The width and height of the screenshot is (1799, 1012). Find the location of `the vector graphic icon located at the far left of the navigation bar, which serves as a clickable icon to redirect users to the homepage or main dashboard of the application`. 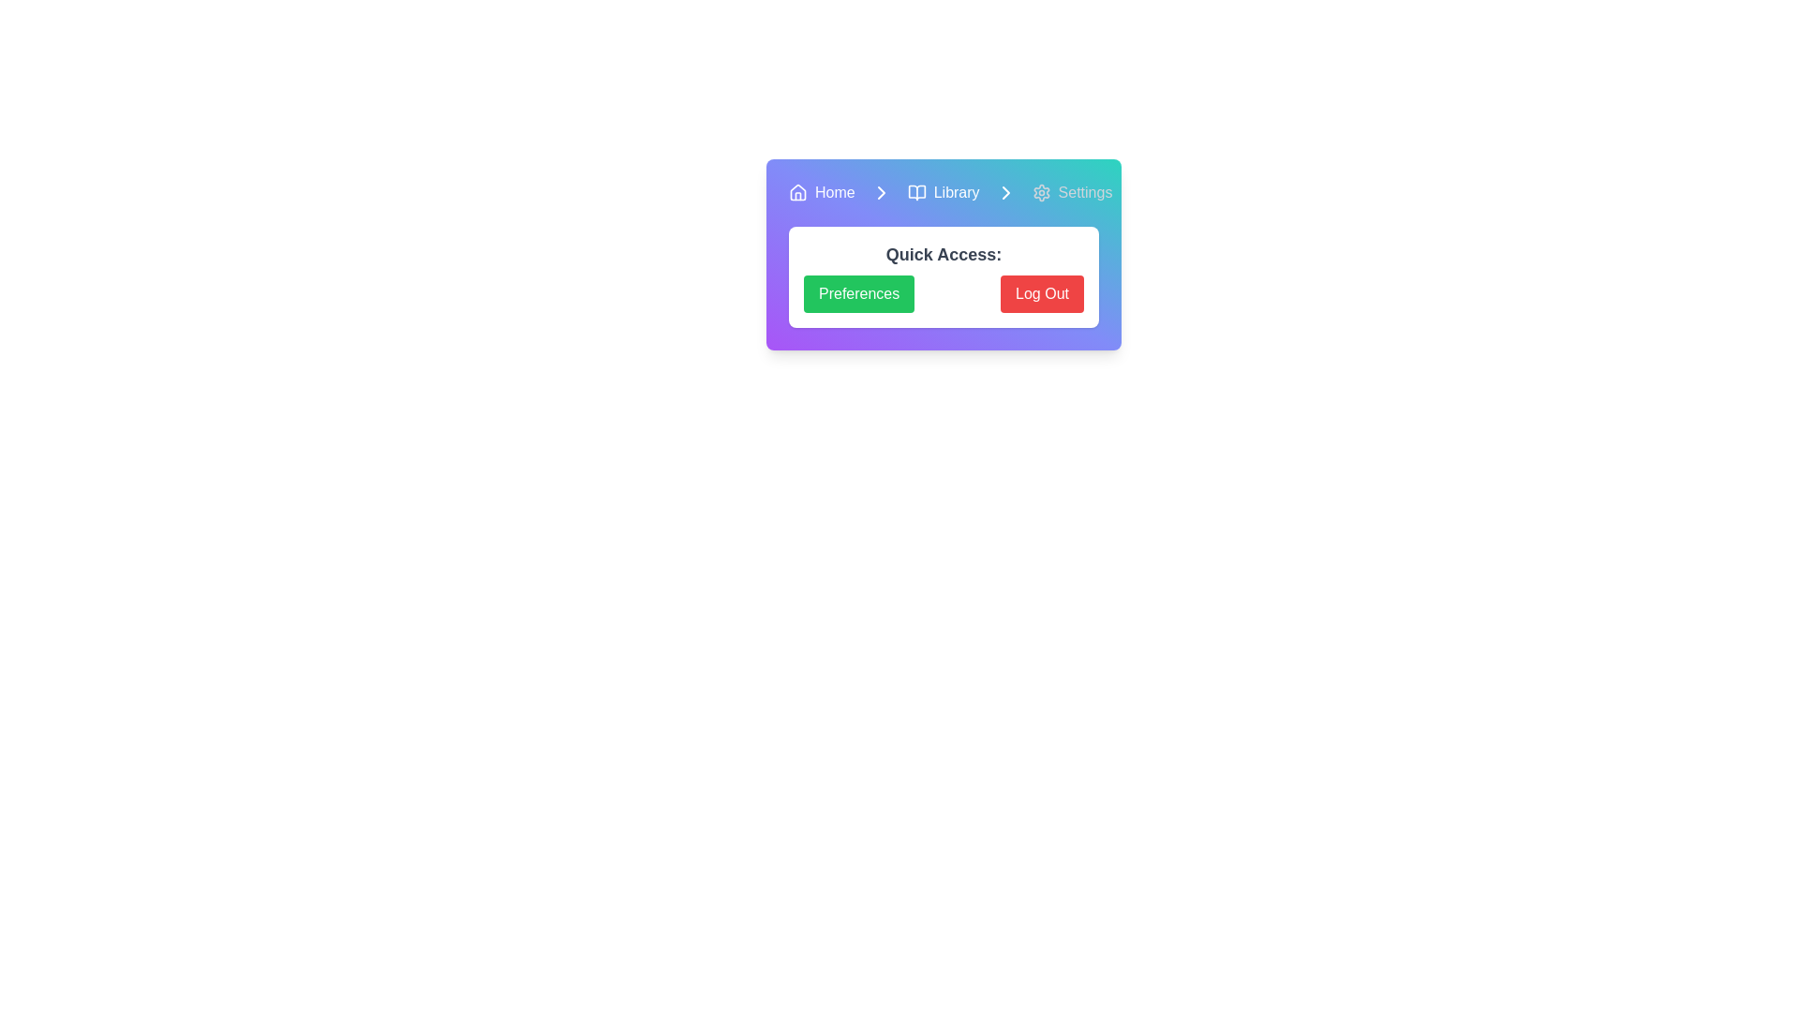

the vector graphic icon located at the far left of the navigation bar, which serves as a clickable icon to redirect users to the homepage or main dashboard of the application is located at coordinates (797, 191).